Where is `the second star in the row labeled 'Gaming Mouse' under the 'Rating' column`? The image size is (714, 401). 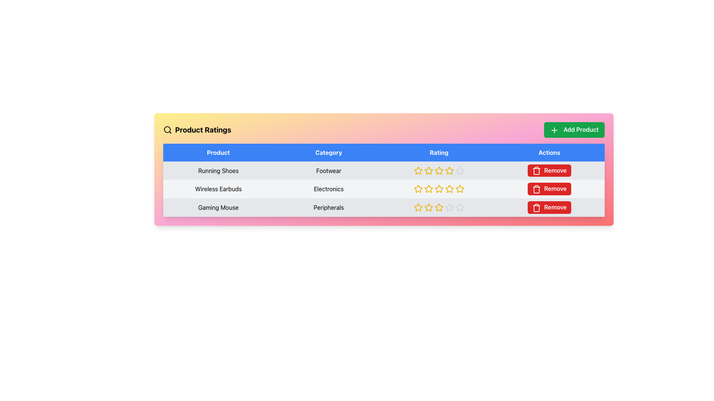
the second star in the row labeled 'Gaming Mouse' under the 'Rating' column is located at coordinates (418, 207).